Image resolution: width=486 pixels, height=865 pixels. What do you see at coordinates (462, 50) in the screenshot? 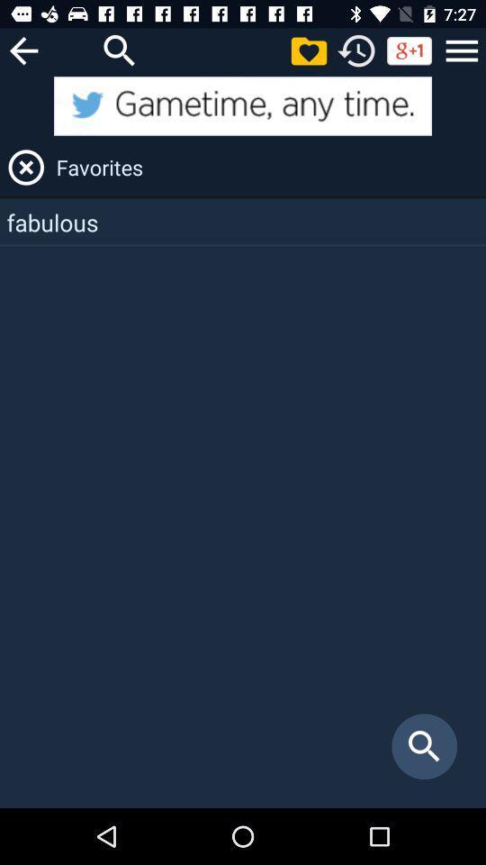
I see `list the options for action` at bounding box center [462, 50].